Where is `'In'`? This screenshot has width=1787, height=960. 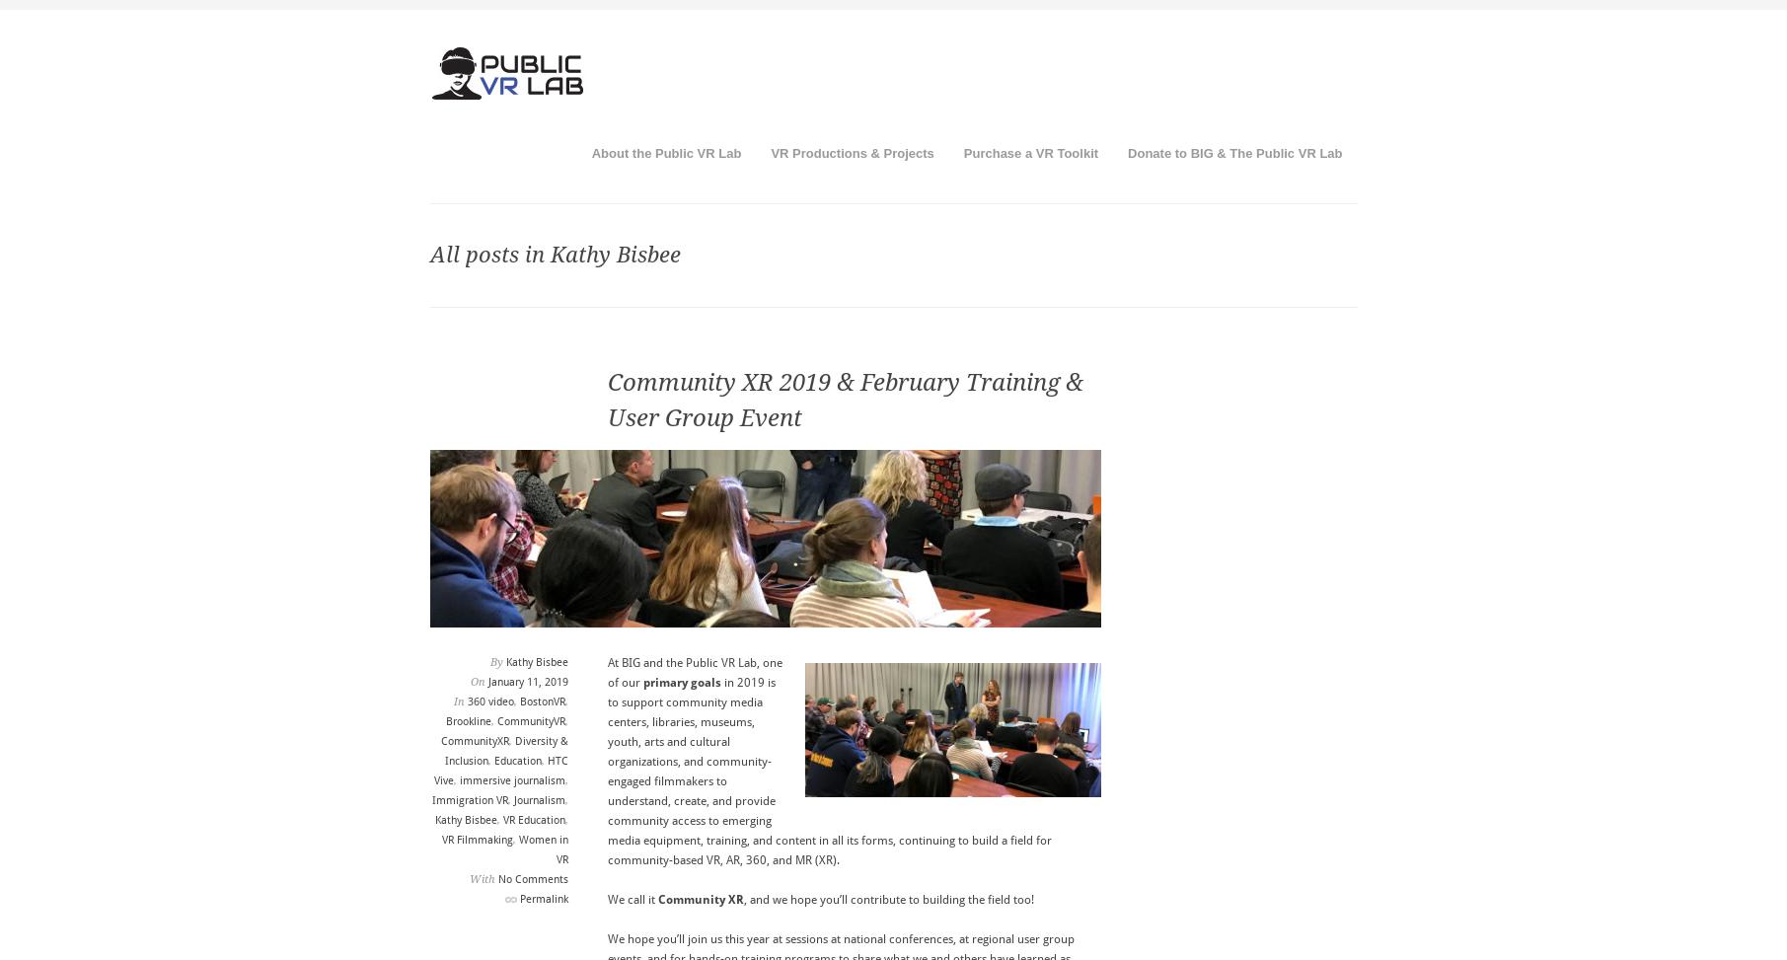 'In' is located at coordinates (459, 702).